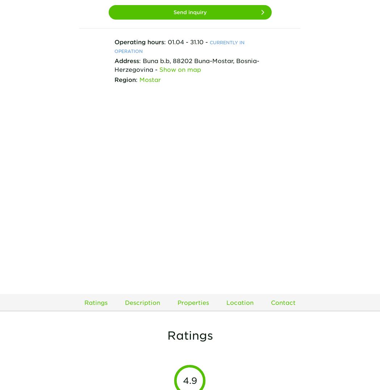 Image resolution: width=380 pixels, height=390 pixels. I want to click on 'Description', so click(142, 302).